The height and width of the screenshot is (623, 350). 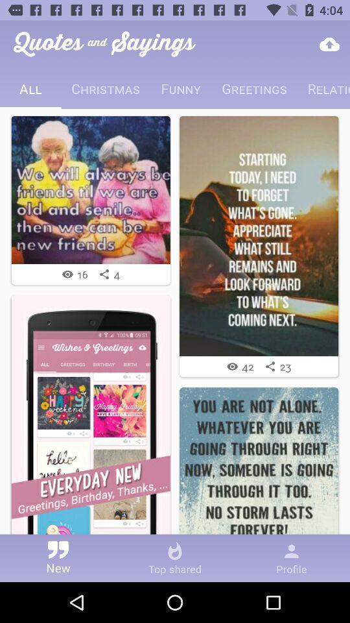 What do you see at coordinates (259, 235) in the screenshot?
I see `click on picture` at bounding box center [259, 235].